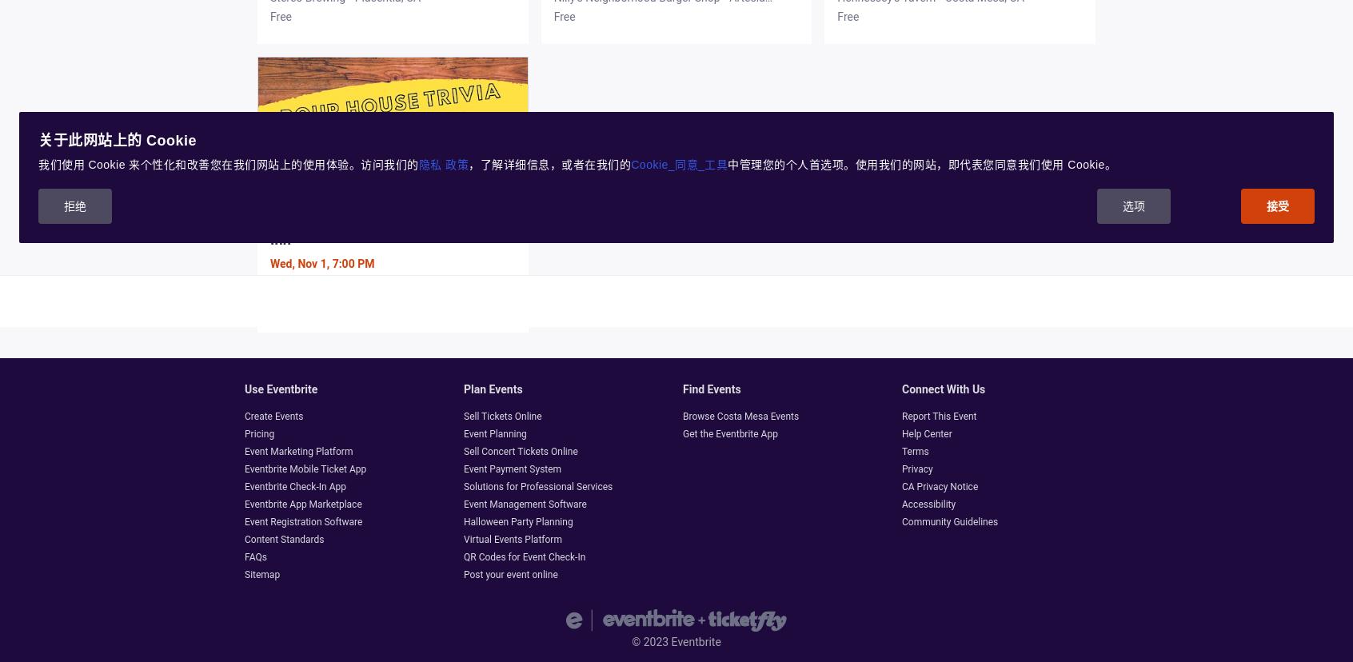  Describe the element at coordinates (943, 389) in the screenshot. I see `'Connect with us'` at that location.